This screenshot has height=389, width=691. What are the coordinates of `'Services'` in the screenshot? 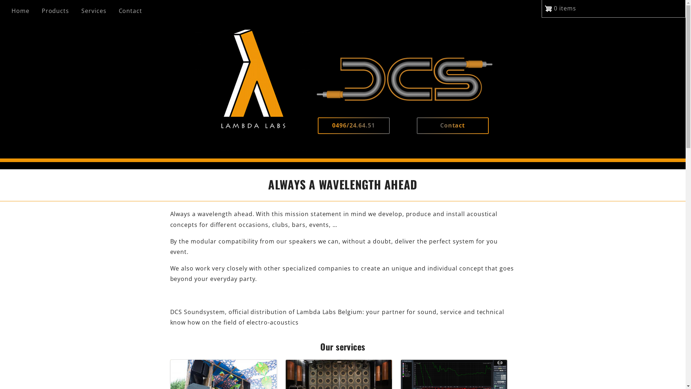 It's located at (81, 11).